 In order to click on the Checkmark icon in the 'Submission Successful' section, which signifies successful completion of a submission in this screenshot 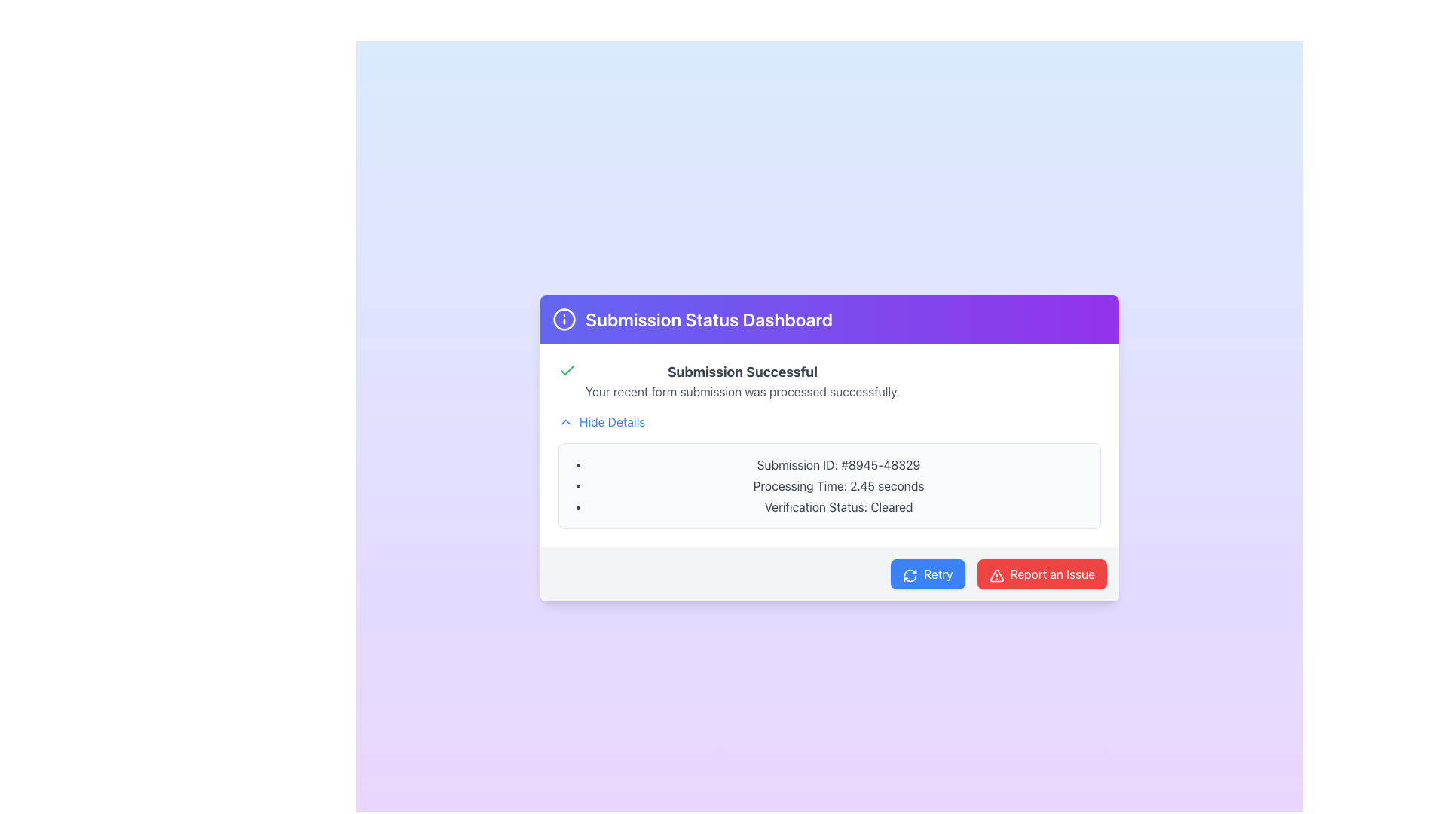, I will do `click(567, 371)`.